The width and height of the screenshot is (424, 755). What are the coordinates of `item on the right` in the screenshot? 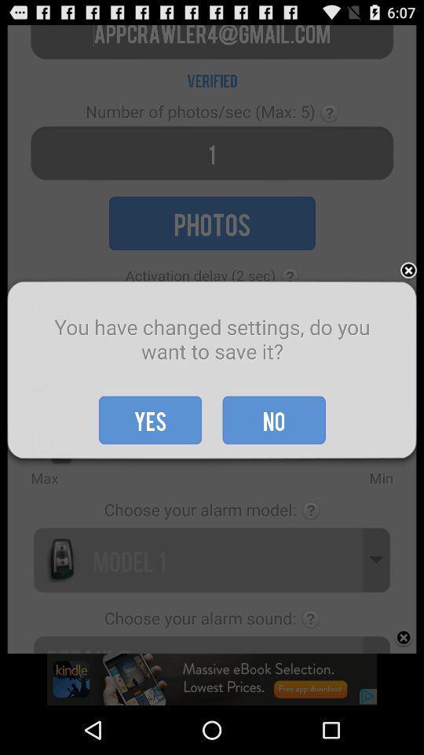 It's located at (408, 271).